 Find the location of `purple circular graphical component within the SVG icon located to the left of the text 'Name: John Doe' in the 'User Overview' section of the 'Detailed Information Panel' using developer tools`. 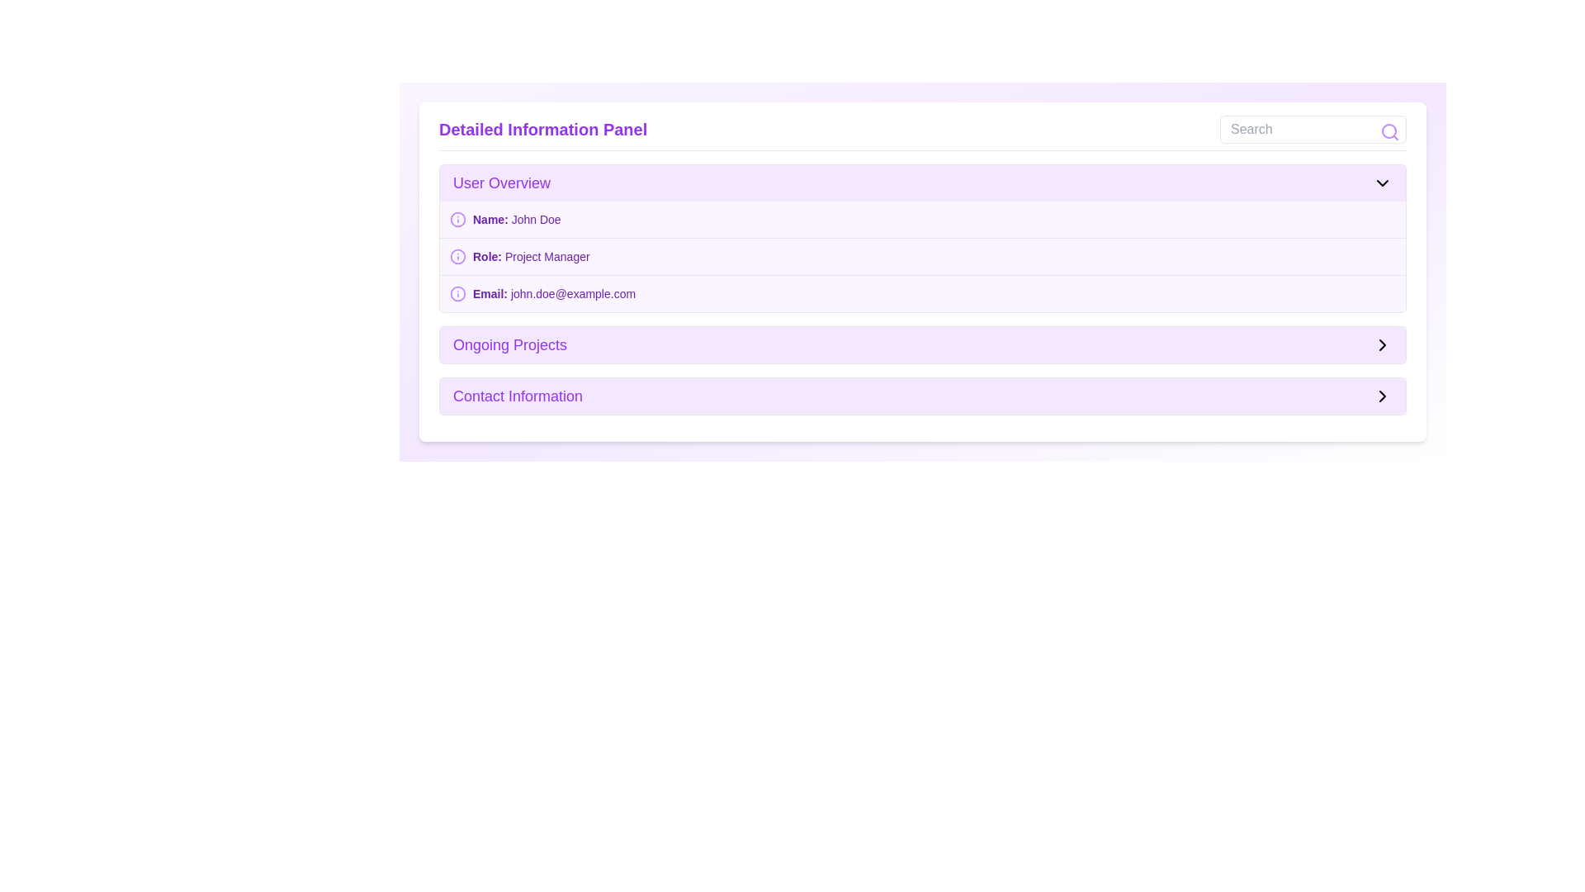

purple circular graphical component within the SVG icon located to the left of the text 'Name: John Doe' in the 'User Overview' section of the 'Detailed Information Panel' using developer tools is located at coordinates (458, 219).